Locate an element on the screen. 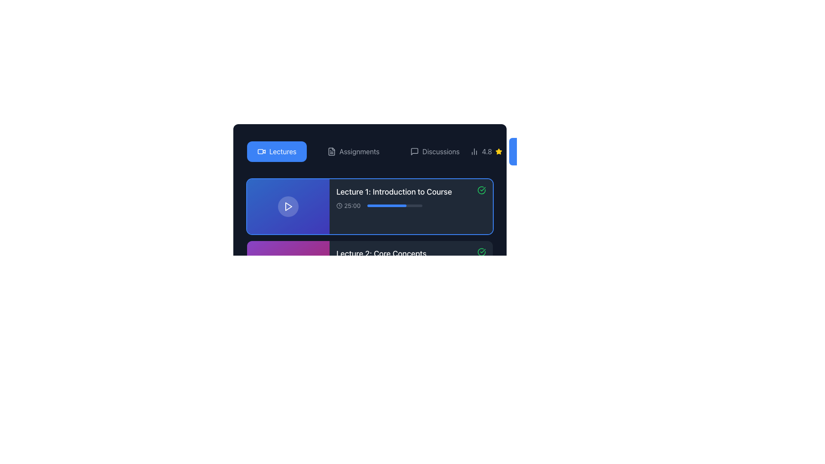 The height and width of the screenshot is (464, 825). displayed time from the Time indicator with progress bar located below the title 'Lecture 1: Introduction to Course', centered horizontally in the section is located at coordinates (394, 205).